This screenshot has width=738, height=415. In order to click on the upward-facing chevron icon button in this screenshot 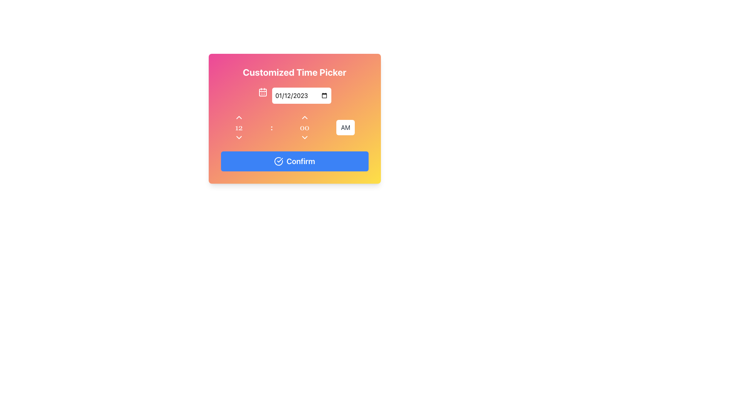, I will do `click(304, 117)`.